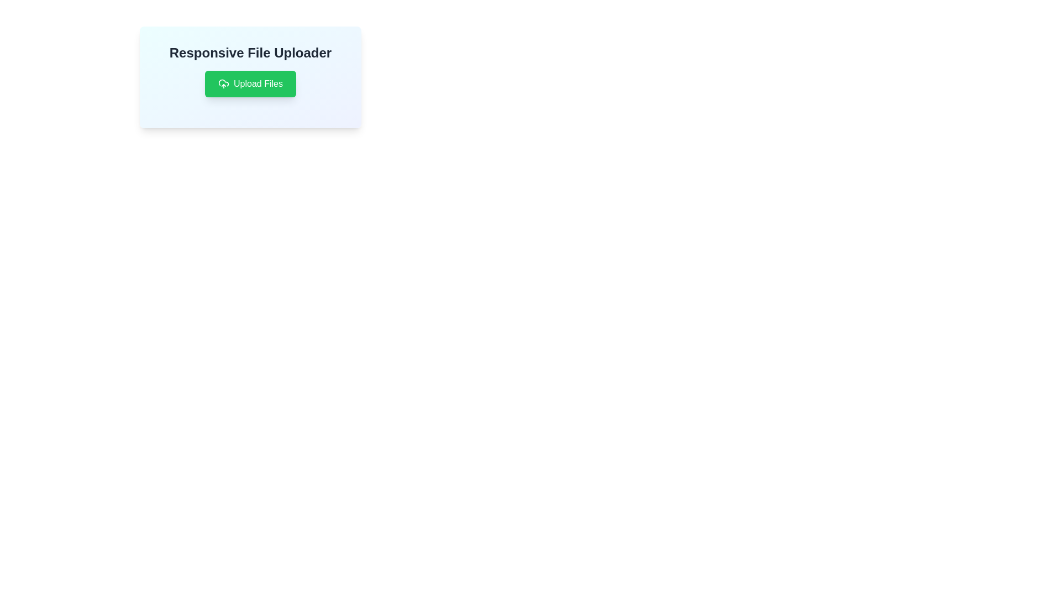 Image resolution: width=1061 pixels, height=597 pixels. What do you see at coordinates (250, 76) in the screenshot?
I see `the panel that contains a title and a button for file selection, located in the left-middle portion of the interface` at bounding box center [250, 76].